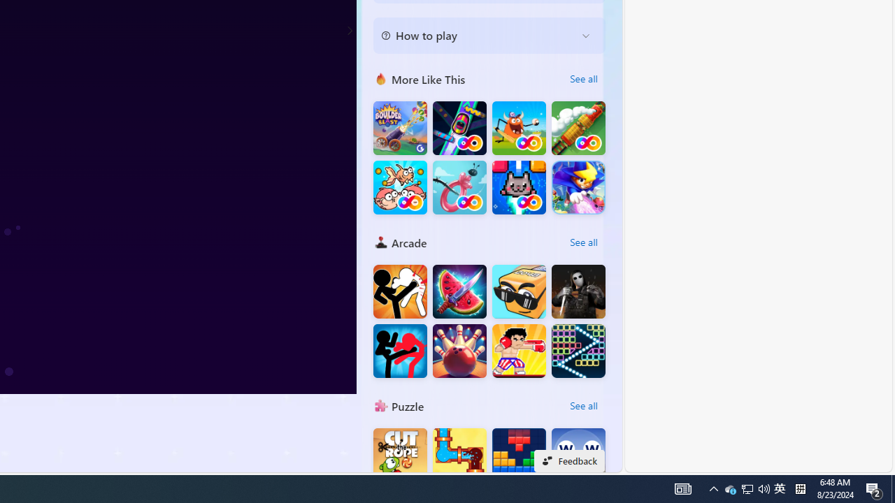 This screenshot has height=503, width=895. I want to click on 'Super Bowling Mania', so click(459, 350).